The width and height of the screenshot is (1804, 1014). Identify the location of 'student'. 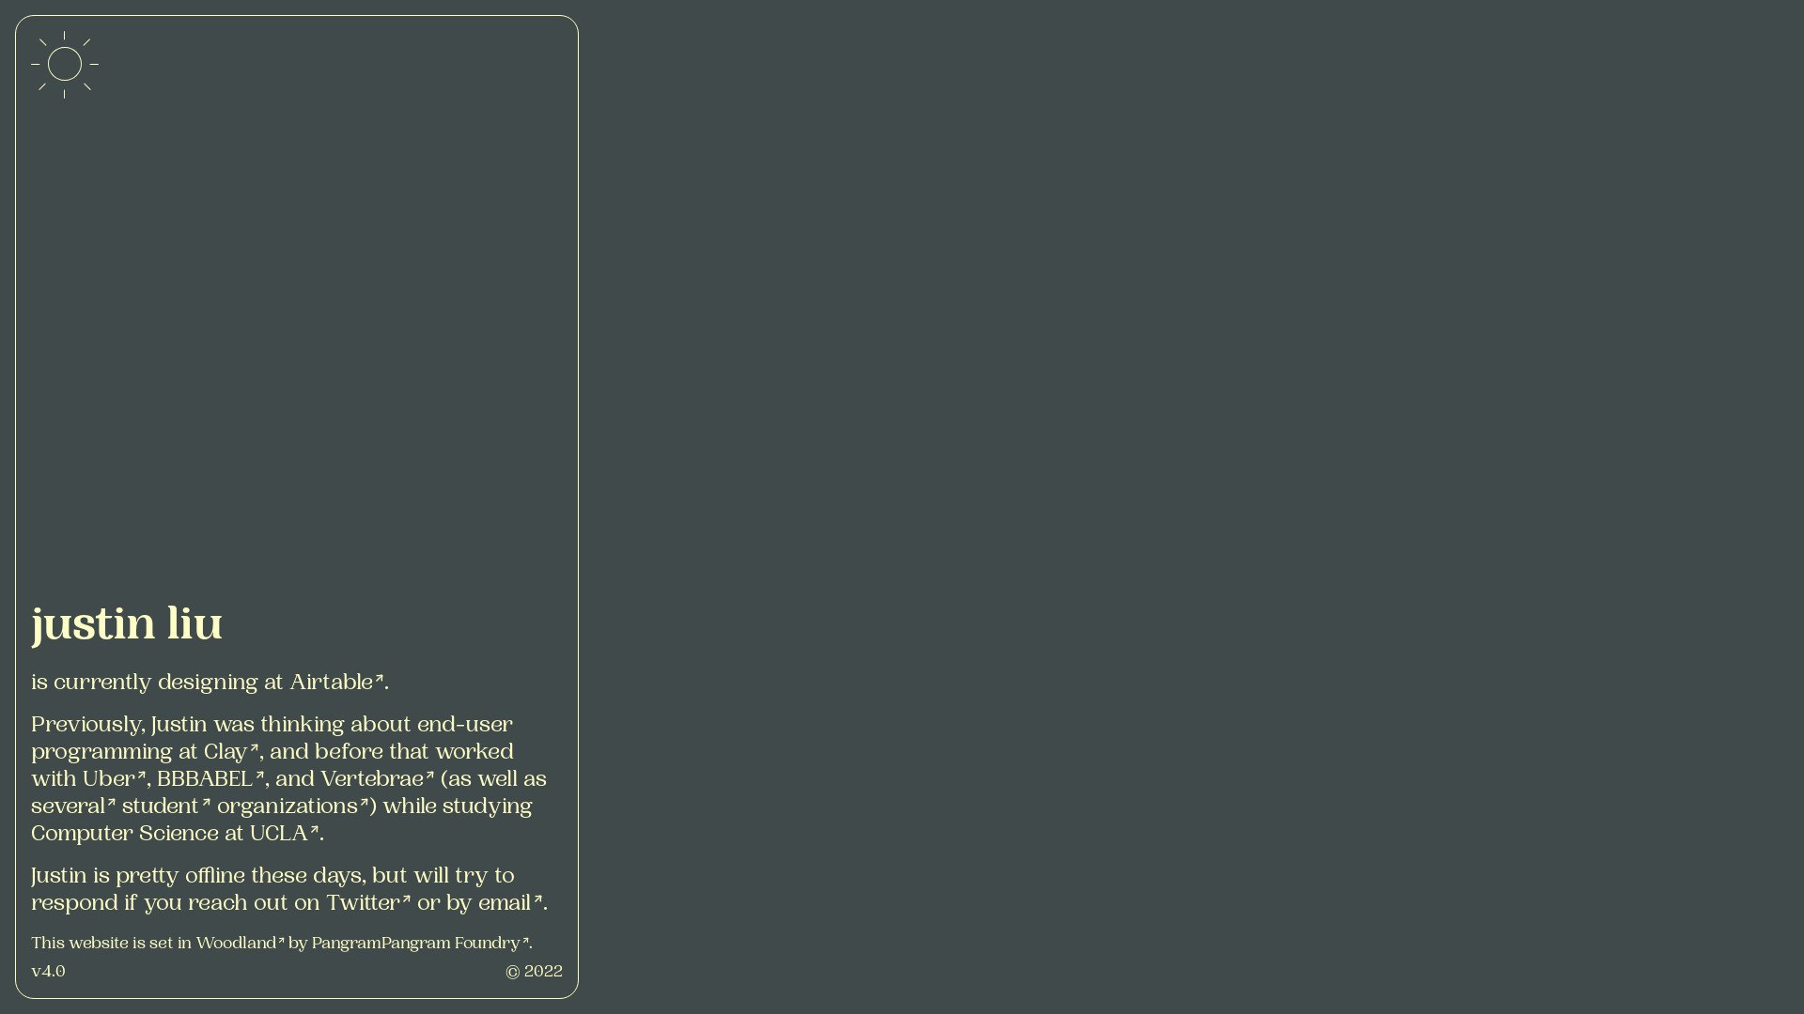
(120, 807).